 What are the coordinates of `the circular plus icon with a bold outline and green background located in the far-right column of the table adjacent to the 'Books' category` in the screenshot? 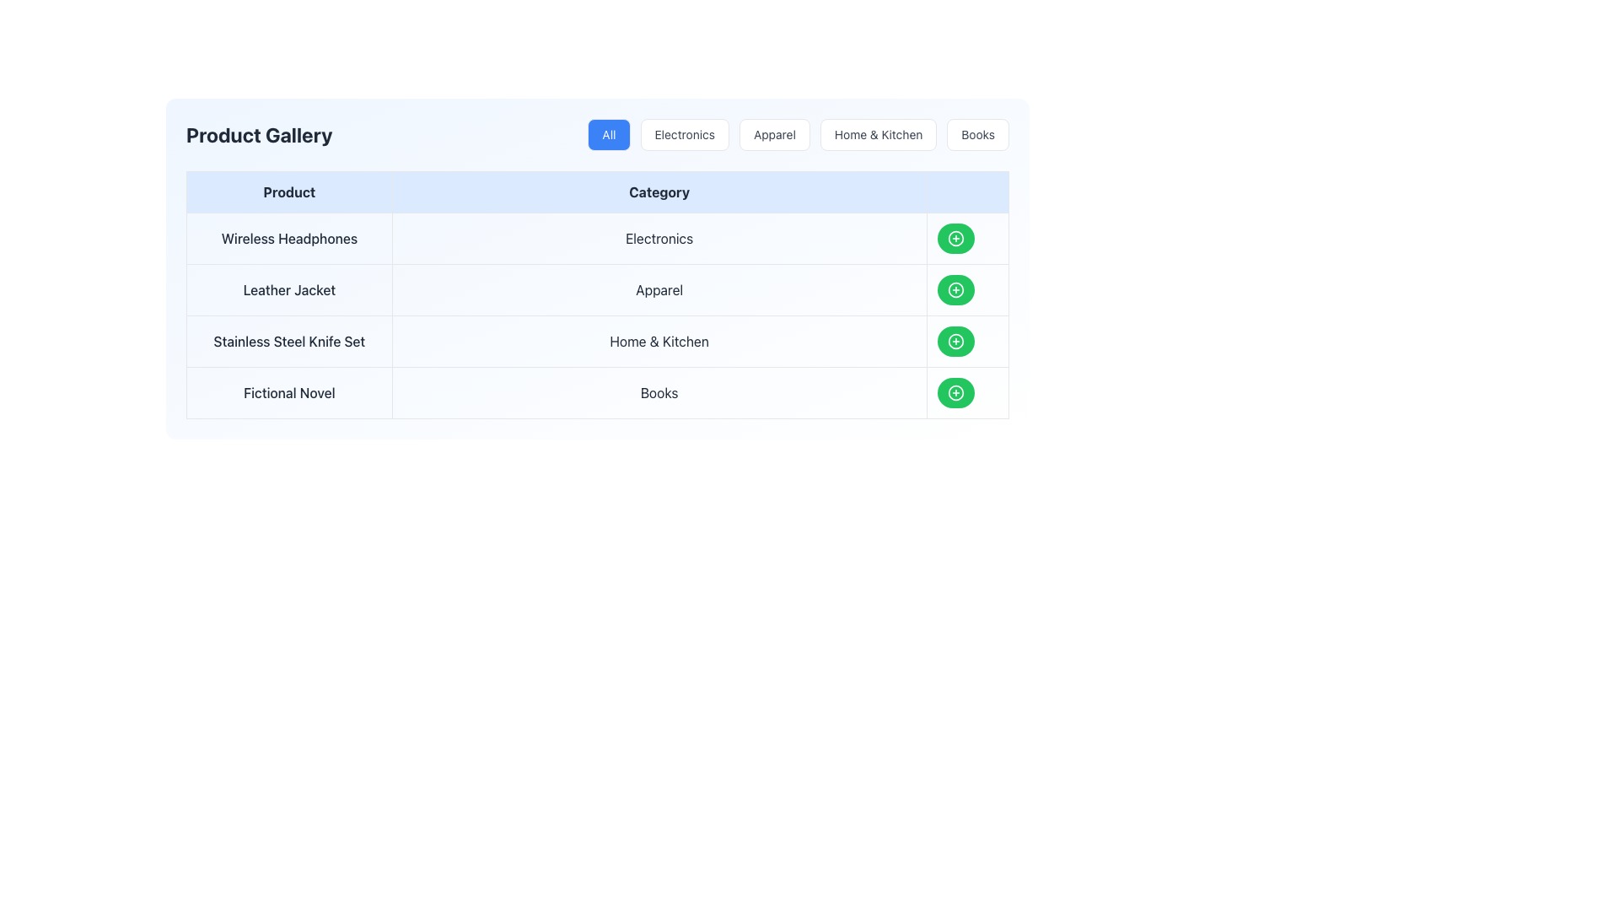 It's located at (955, 393).